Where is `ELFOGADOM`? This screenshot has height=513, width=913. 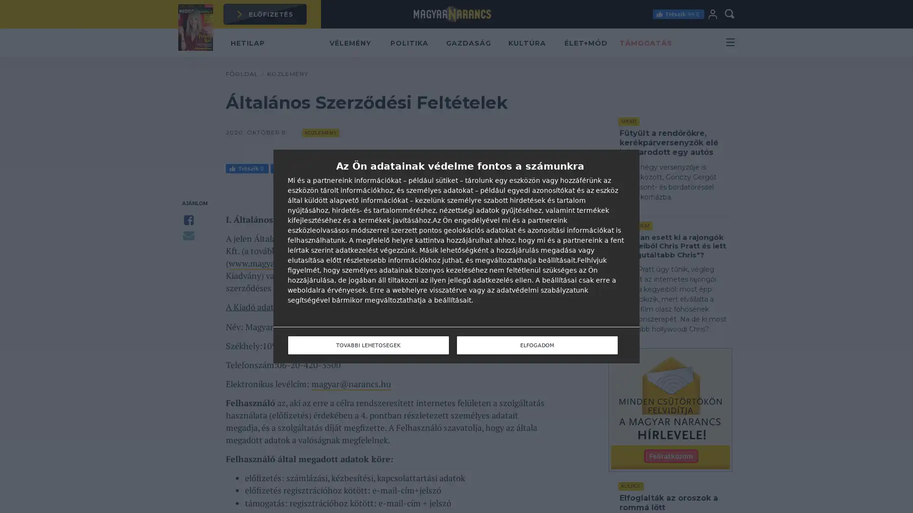
ELFOGADOM is located at coordinates (537, 345).